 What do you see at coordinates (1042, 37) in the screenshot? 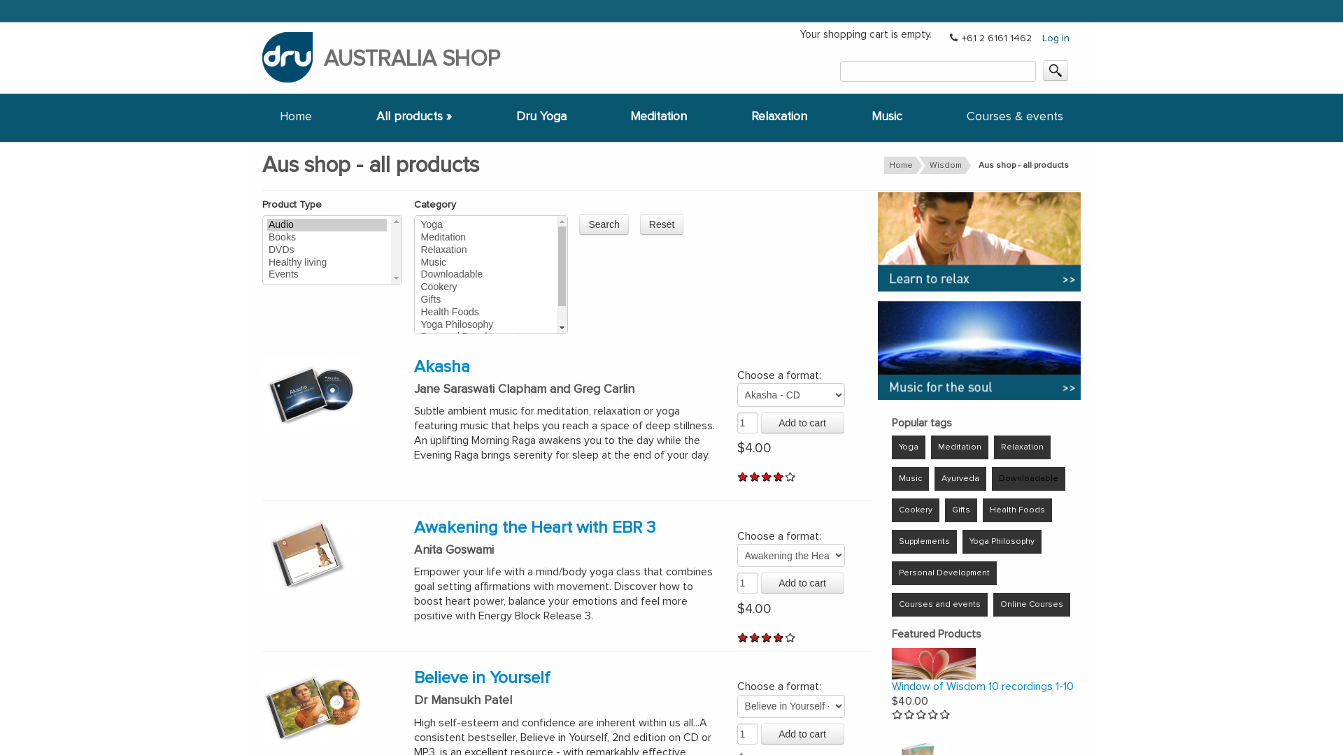
I see `'Log in'` at bounding box center [1042, 37].